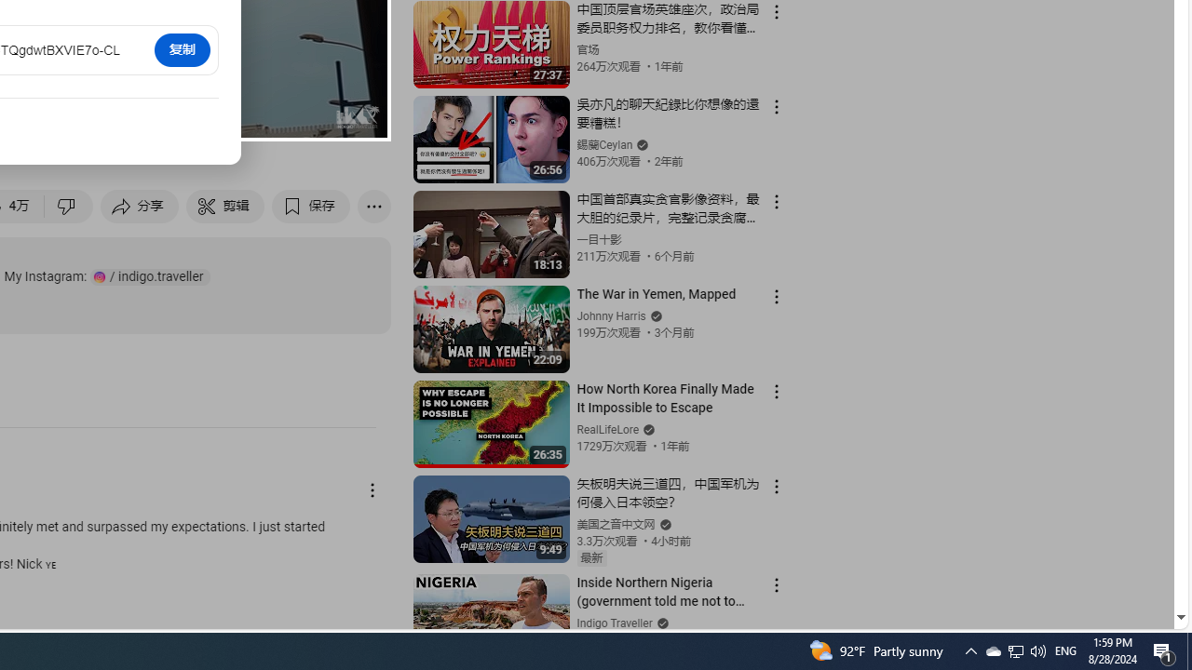 This screenshot has width=1192, height=670. I want to click on 'Instagram Channel Link: indigo.traveller', so click(150, 276).